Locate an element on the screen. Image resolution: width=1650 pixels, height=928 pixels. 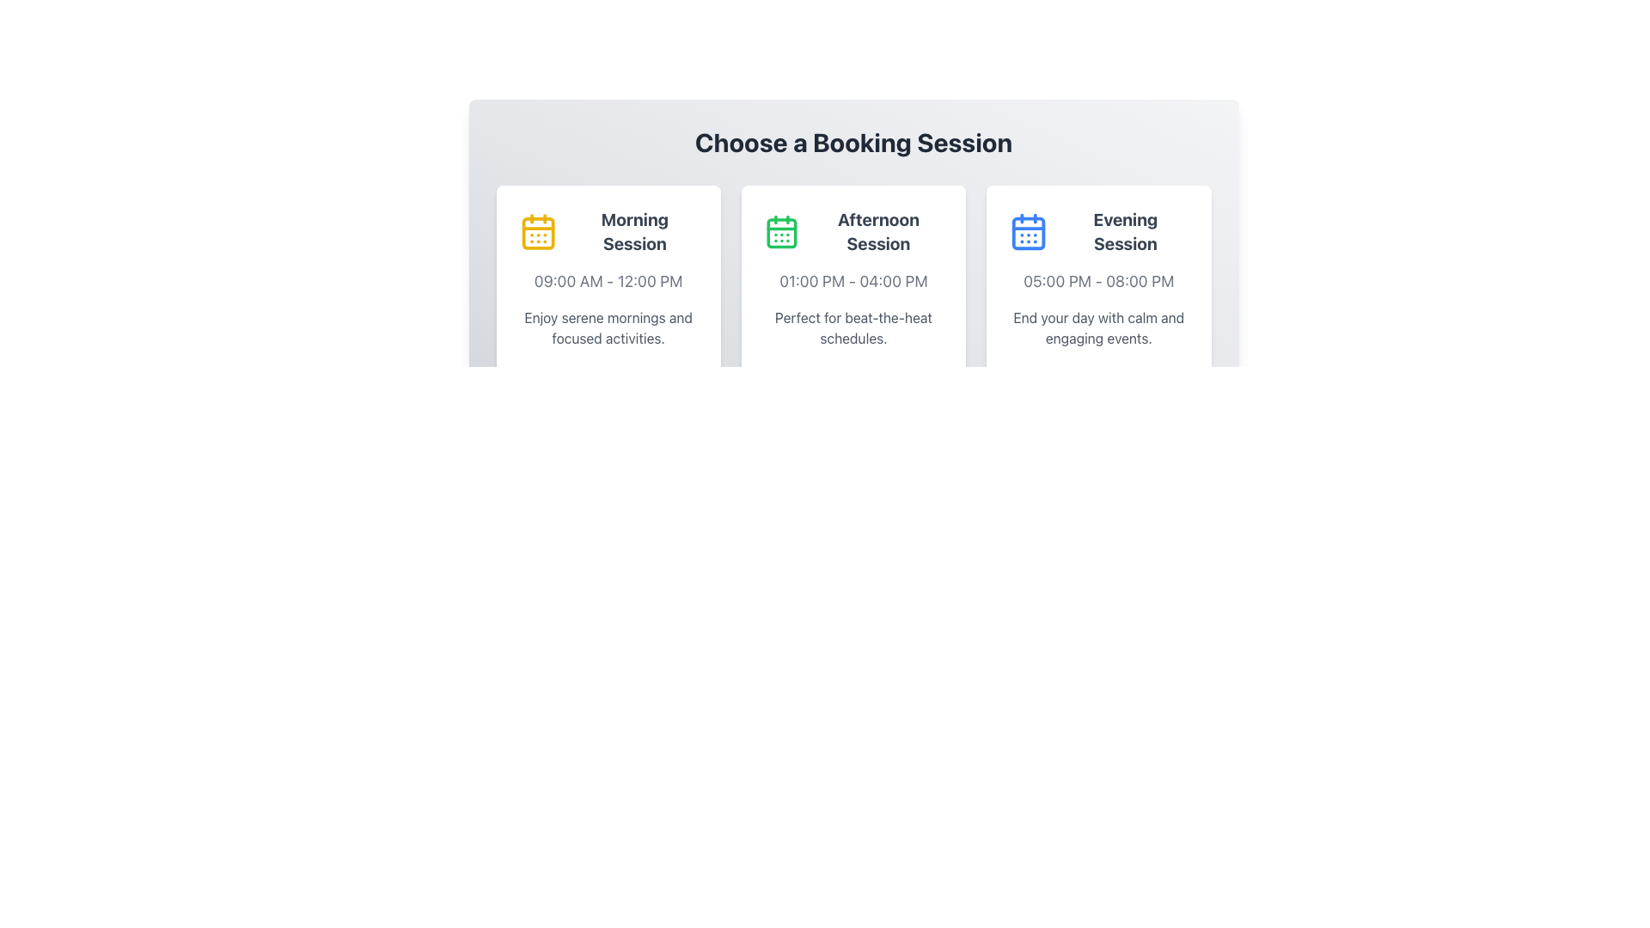
the text label reading 'Evening Session', which is styled with a bold, large font in dark gray and is part of the third session card under the 'Choose a Booking Session' heading is located at coordinates (1125, 232).